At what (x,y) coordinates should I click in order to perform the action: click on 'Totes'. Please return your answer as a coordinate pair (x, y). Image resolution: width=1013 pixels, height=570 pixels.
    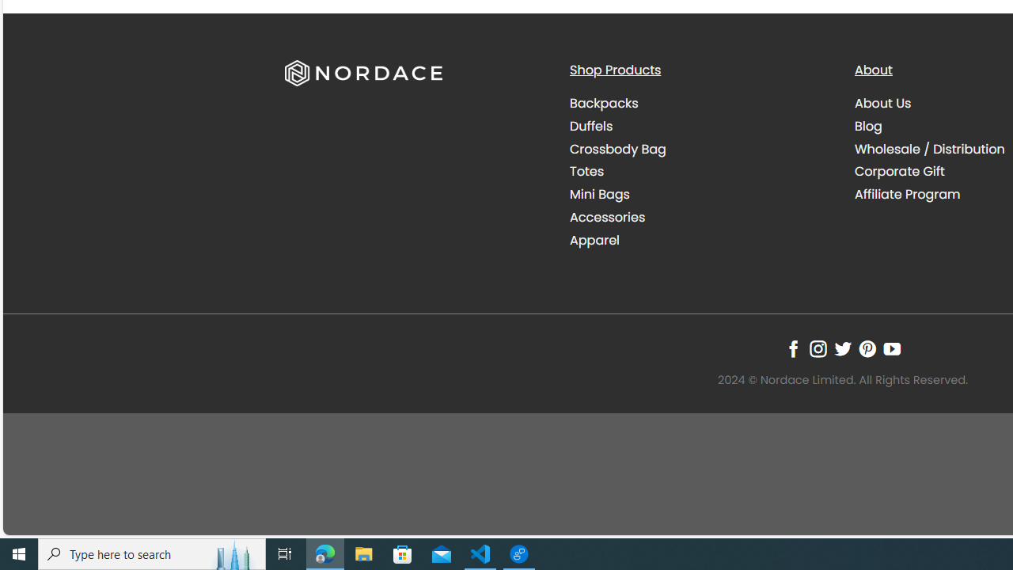
    Looking at the image, I should click on (586, 172).